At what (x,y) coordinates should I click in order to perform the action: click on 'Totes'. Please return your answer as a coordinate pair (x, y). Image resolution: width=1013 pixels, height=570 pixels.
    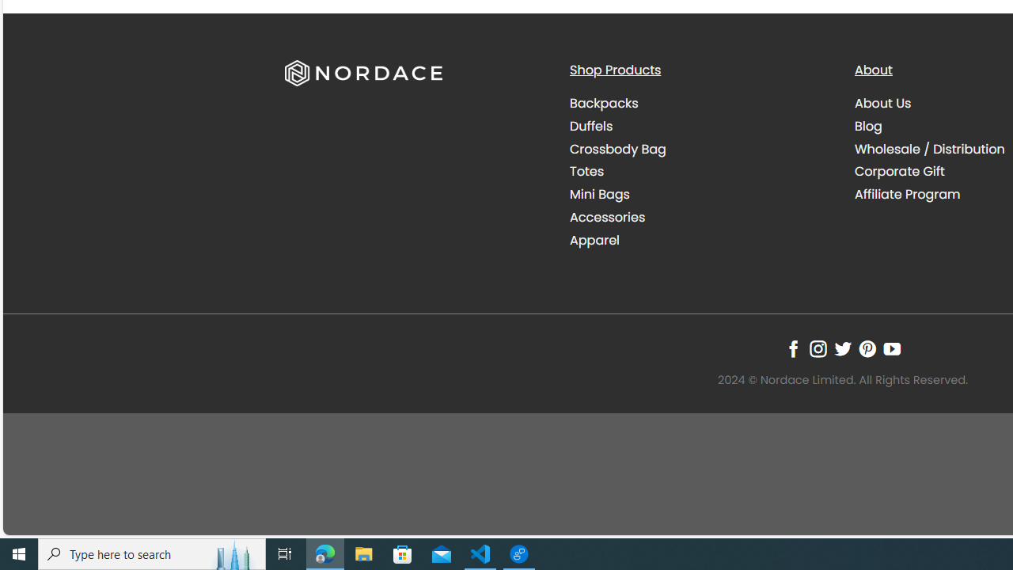
    Looking at the image, I should click on (586, 172).